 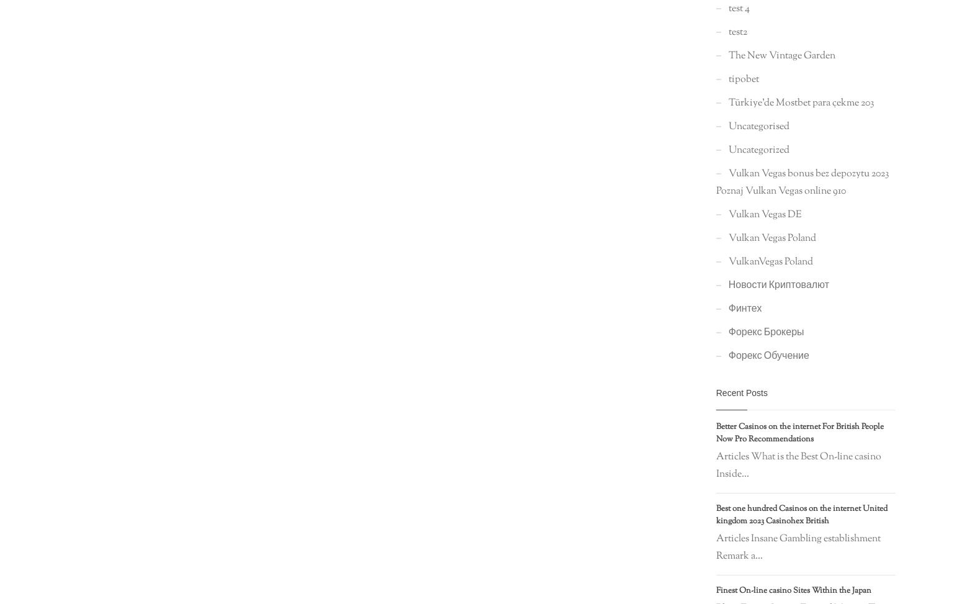 I want to click on 'Finest On-line casino Sites Within the Japan', so click(x=792, y=590).